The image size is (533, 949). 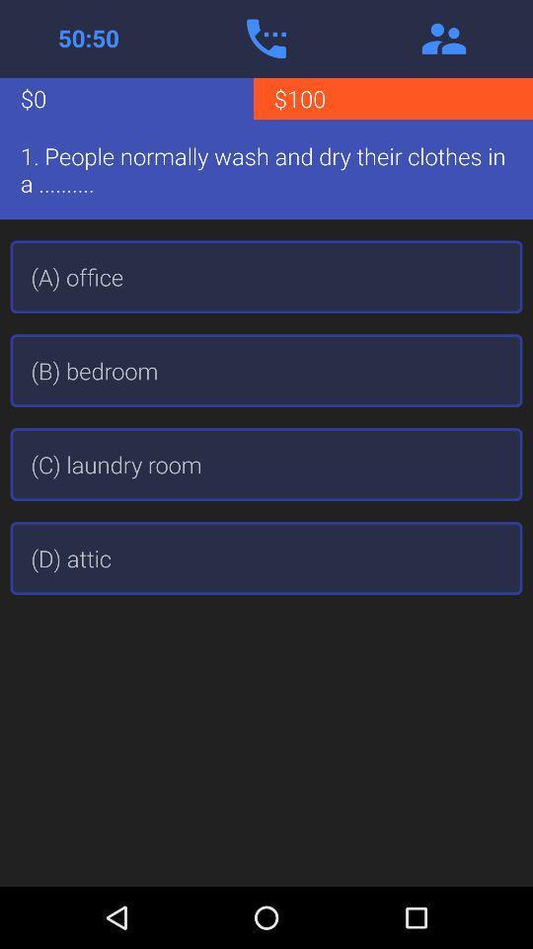 I want to click on icon above (d) attic app, so click(x=266, y=465).